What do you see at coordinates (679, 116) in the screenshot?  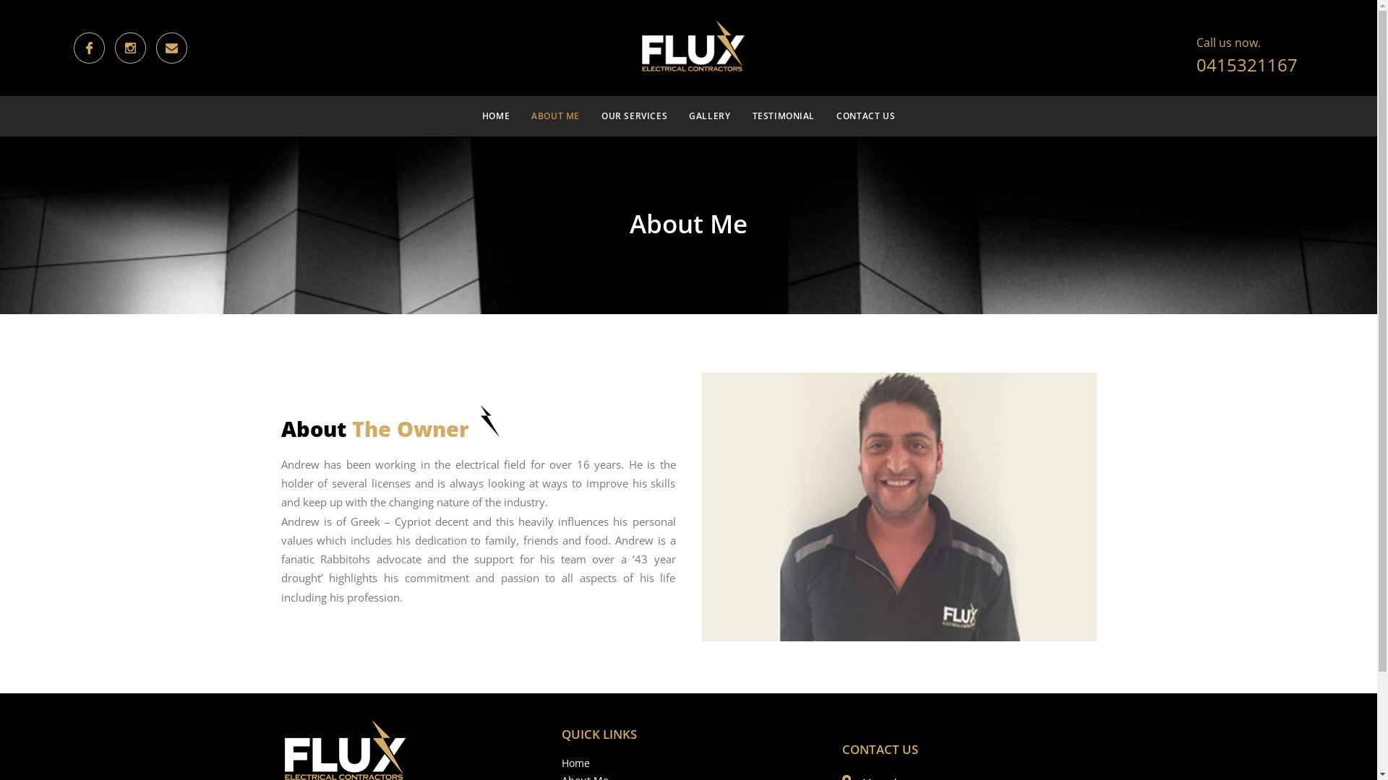 I see `'GALLERY'` at bounding box center [679, 116].